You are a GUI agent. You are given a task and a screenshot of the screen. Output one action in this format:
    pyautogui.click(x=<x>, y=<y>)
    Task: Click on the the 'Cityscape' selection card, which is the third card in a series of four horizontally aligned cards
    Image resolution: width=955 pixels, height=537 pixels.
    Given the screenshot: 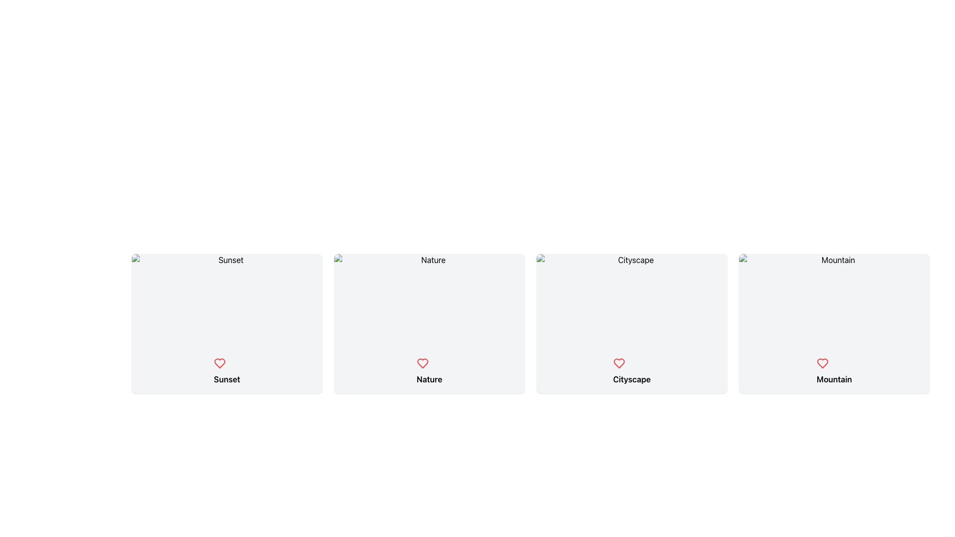 What is the action you would take?
    pyautogui.click(x=631, y=324)
    